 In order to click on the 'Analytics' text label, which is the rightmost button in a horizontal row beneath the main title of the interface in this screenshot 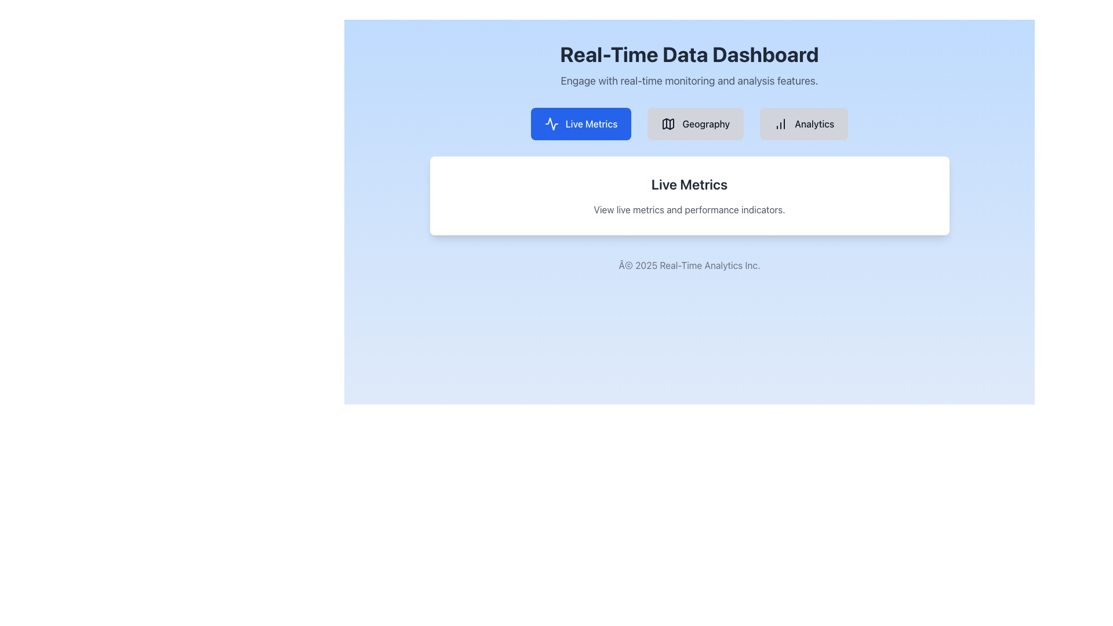, I will do `click(814, 123)`.